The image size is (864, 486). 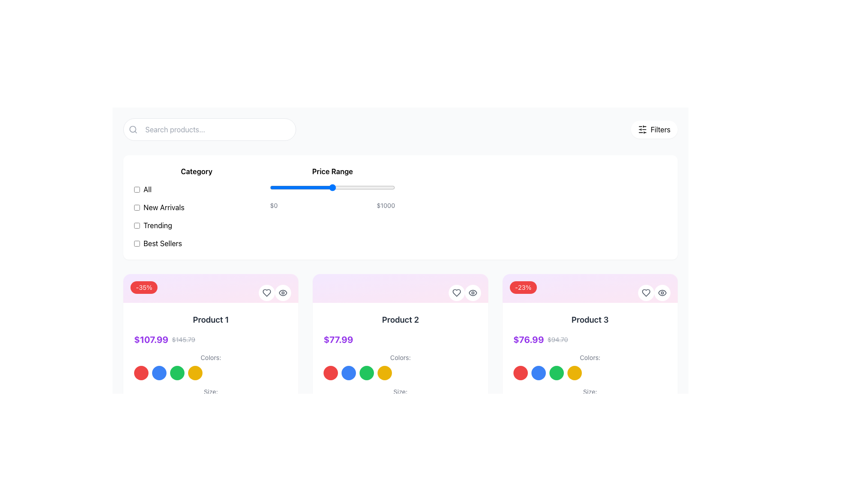 I want to click on the rounded circle button with a gray heart icon in the top-right corner of the 'Product 3' card, so click(x=645, y=293).